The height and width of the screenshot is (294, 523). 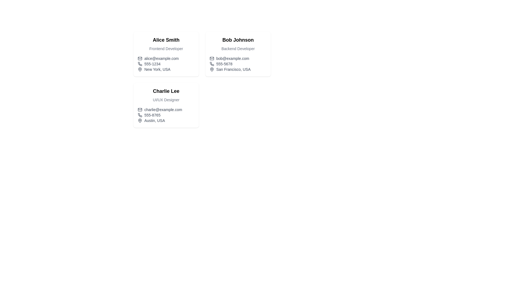 I want to click on email address displayed in the text display, which shows 'bob@example.com' in a small, gray font within the card for 'Bob Johnson.', so click(x=233, y=59).